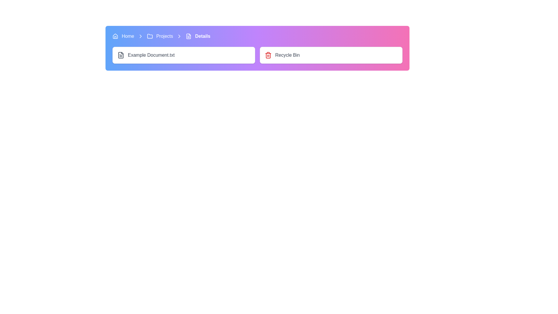  I want to click on the document icon in the breadcrumb navigation, which is styled in white against a blue background and positioned between the folder icon labeled 'Projects' and the text 'Details', so click(189, 36).